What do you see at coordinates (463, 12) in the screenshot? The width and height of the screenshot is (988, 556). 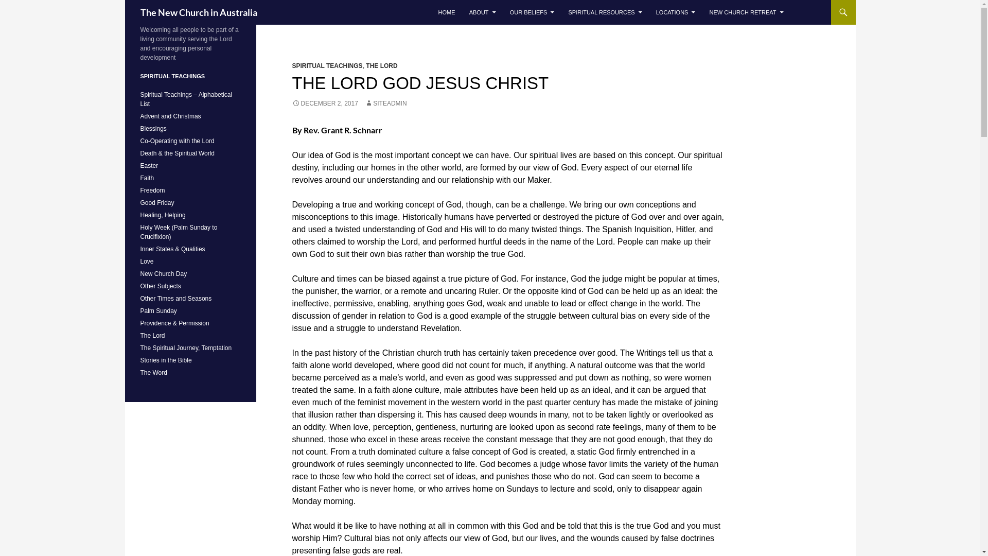 I see `'ABOUT'` at bounding box center [463, 12].